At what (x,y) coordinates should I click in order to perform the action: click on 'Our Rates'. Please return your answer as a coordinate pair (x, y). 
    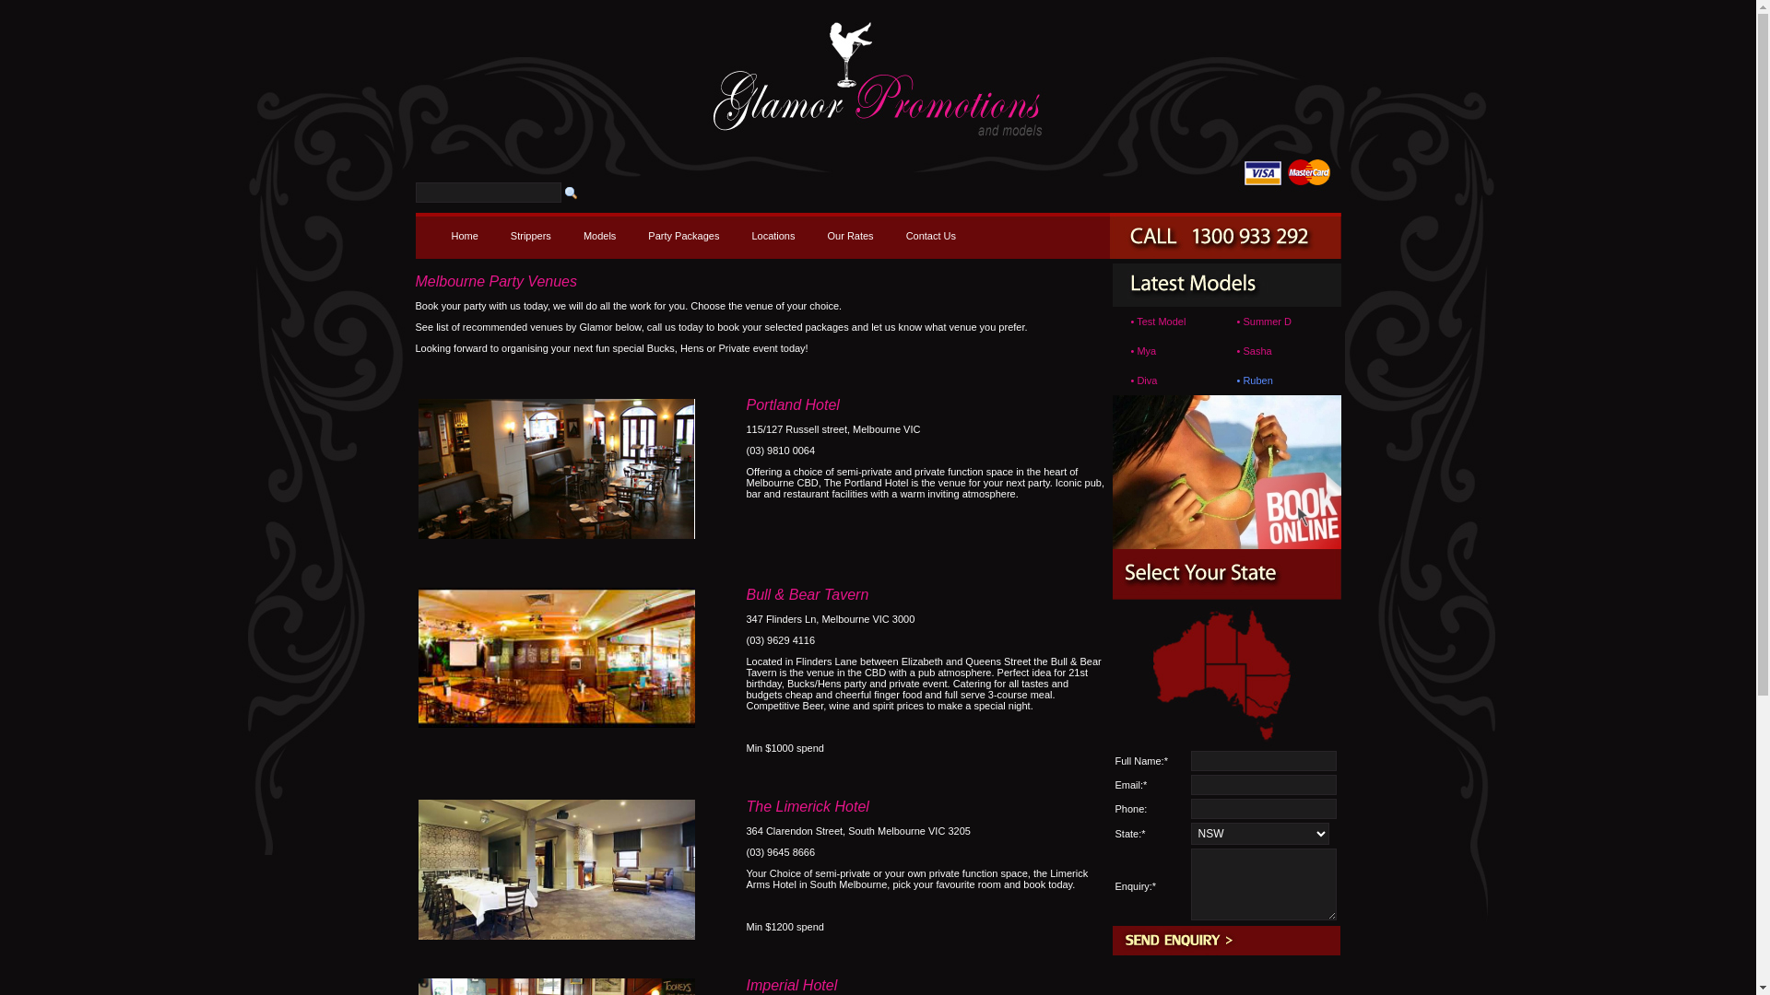
    Looking at the image, I should click on (848, 234).